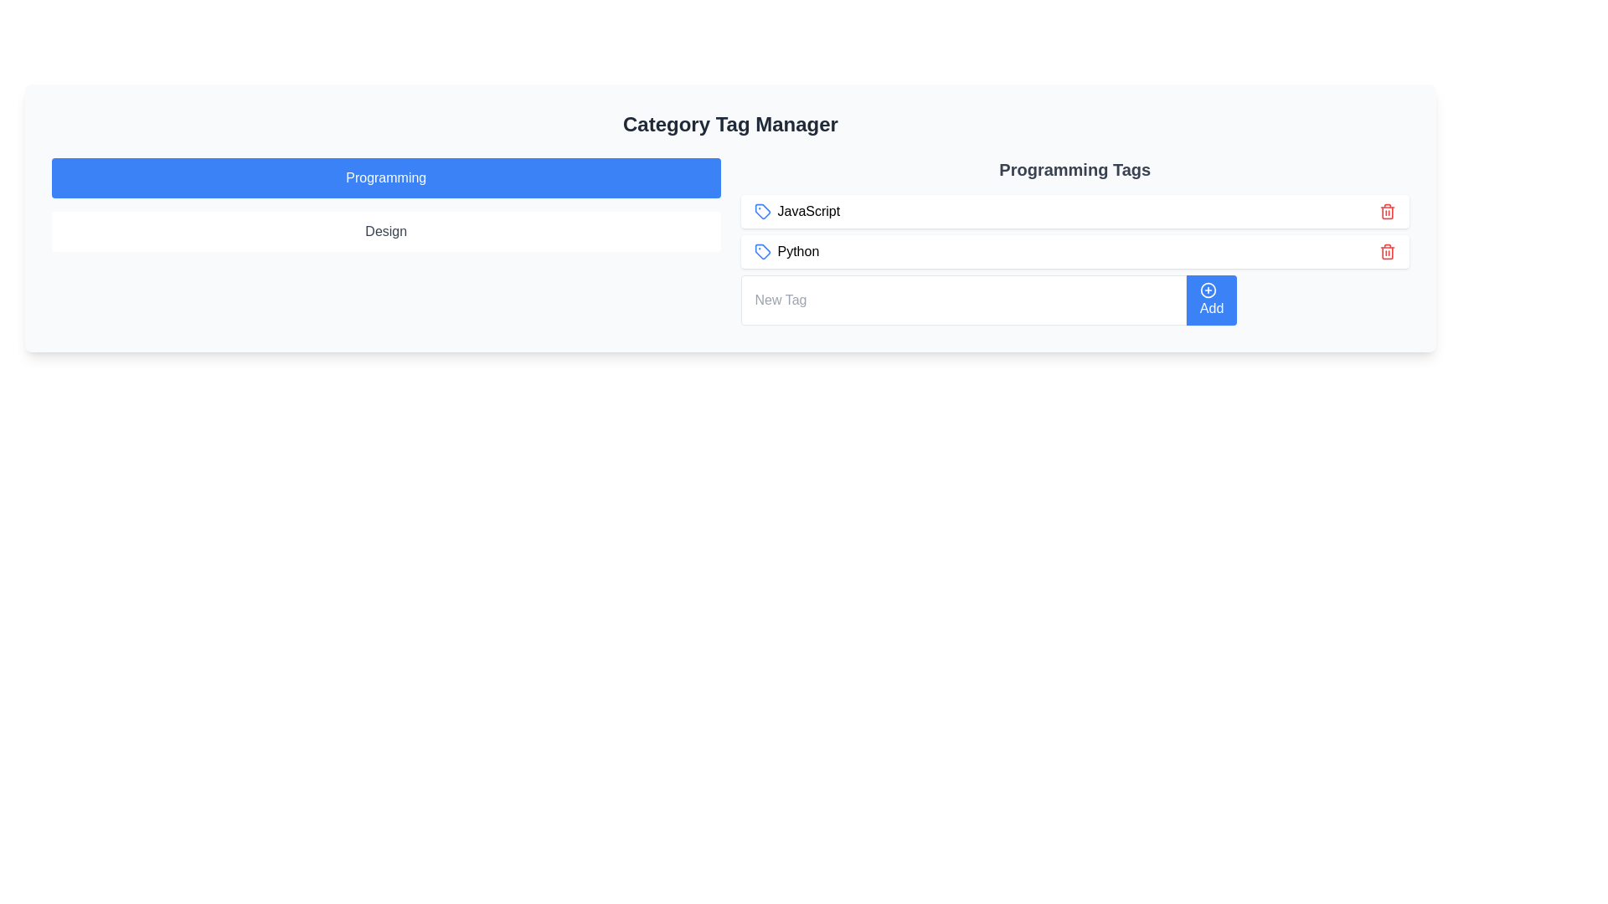 The height and width of the screenshot is (904, 1608). I want to click on the tag icon located to the left of the text 'Python', which visually represents a category label, so click(761, 251).